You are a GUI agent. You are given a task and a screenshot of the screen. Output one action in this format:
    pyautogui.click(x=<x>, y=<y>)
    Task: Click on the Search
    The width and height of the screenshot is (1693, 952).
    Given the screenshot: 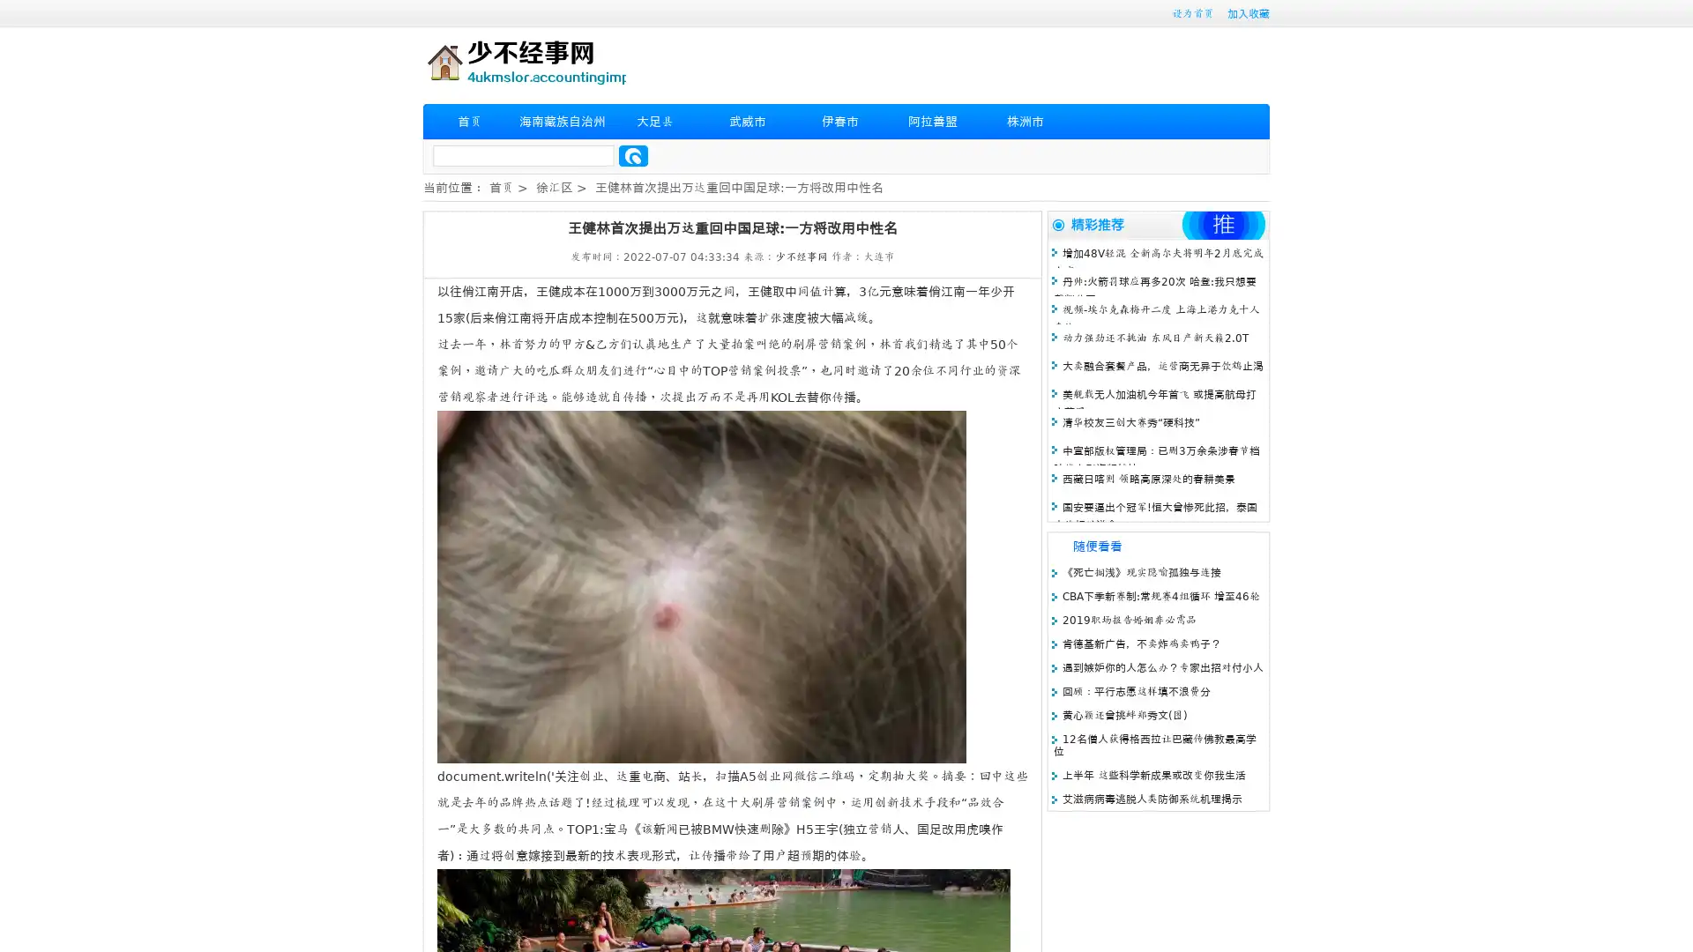 What is the action you would take?
    pyautogui.click(x=633, y=155)
    